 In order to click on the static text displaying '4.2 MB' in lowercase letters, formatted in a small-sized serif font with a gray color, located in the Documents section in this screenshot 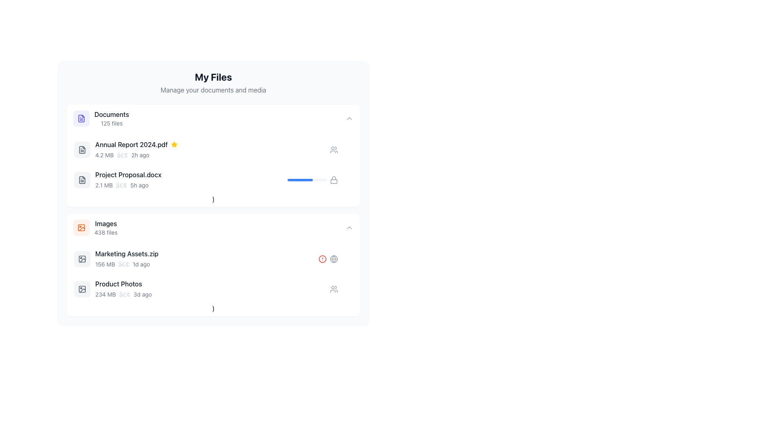, I will do `click(104, 155)`.